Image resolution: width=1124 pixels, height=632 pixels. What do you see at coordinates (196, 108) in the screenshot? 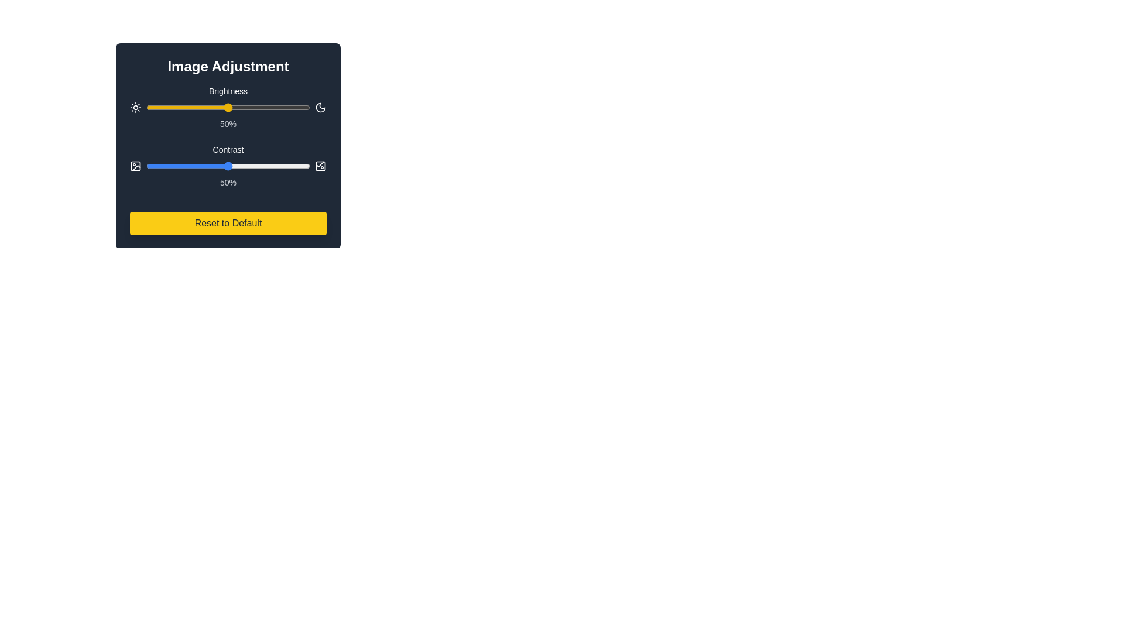
I see `brightness` at bounding box center [196, 108].